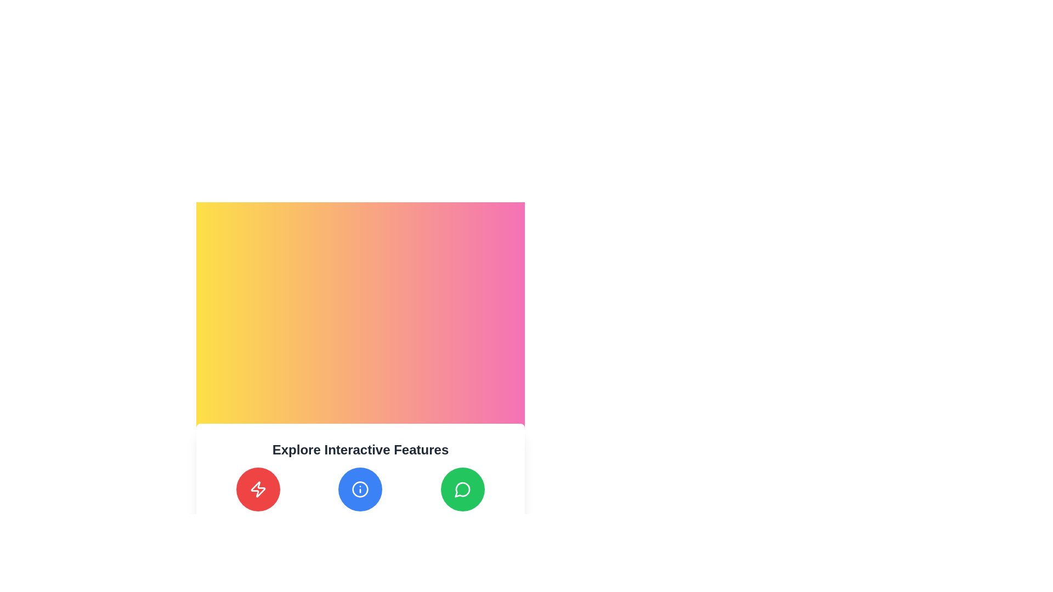  I want to click on the blue circular button with a white-bordered 'info' icon, so click(360, 498).